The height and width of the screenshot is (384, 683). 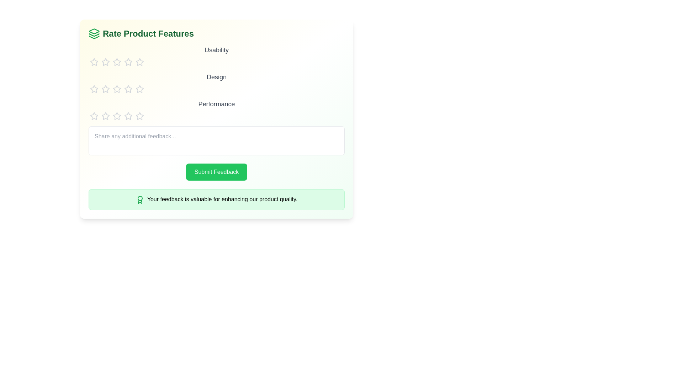 What do you see at coordinates (216, 172) in the screenshot?
I see `the 'Submit Feedback' button to submit the feedback` at bounding box center [216, 172].